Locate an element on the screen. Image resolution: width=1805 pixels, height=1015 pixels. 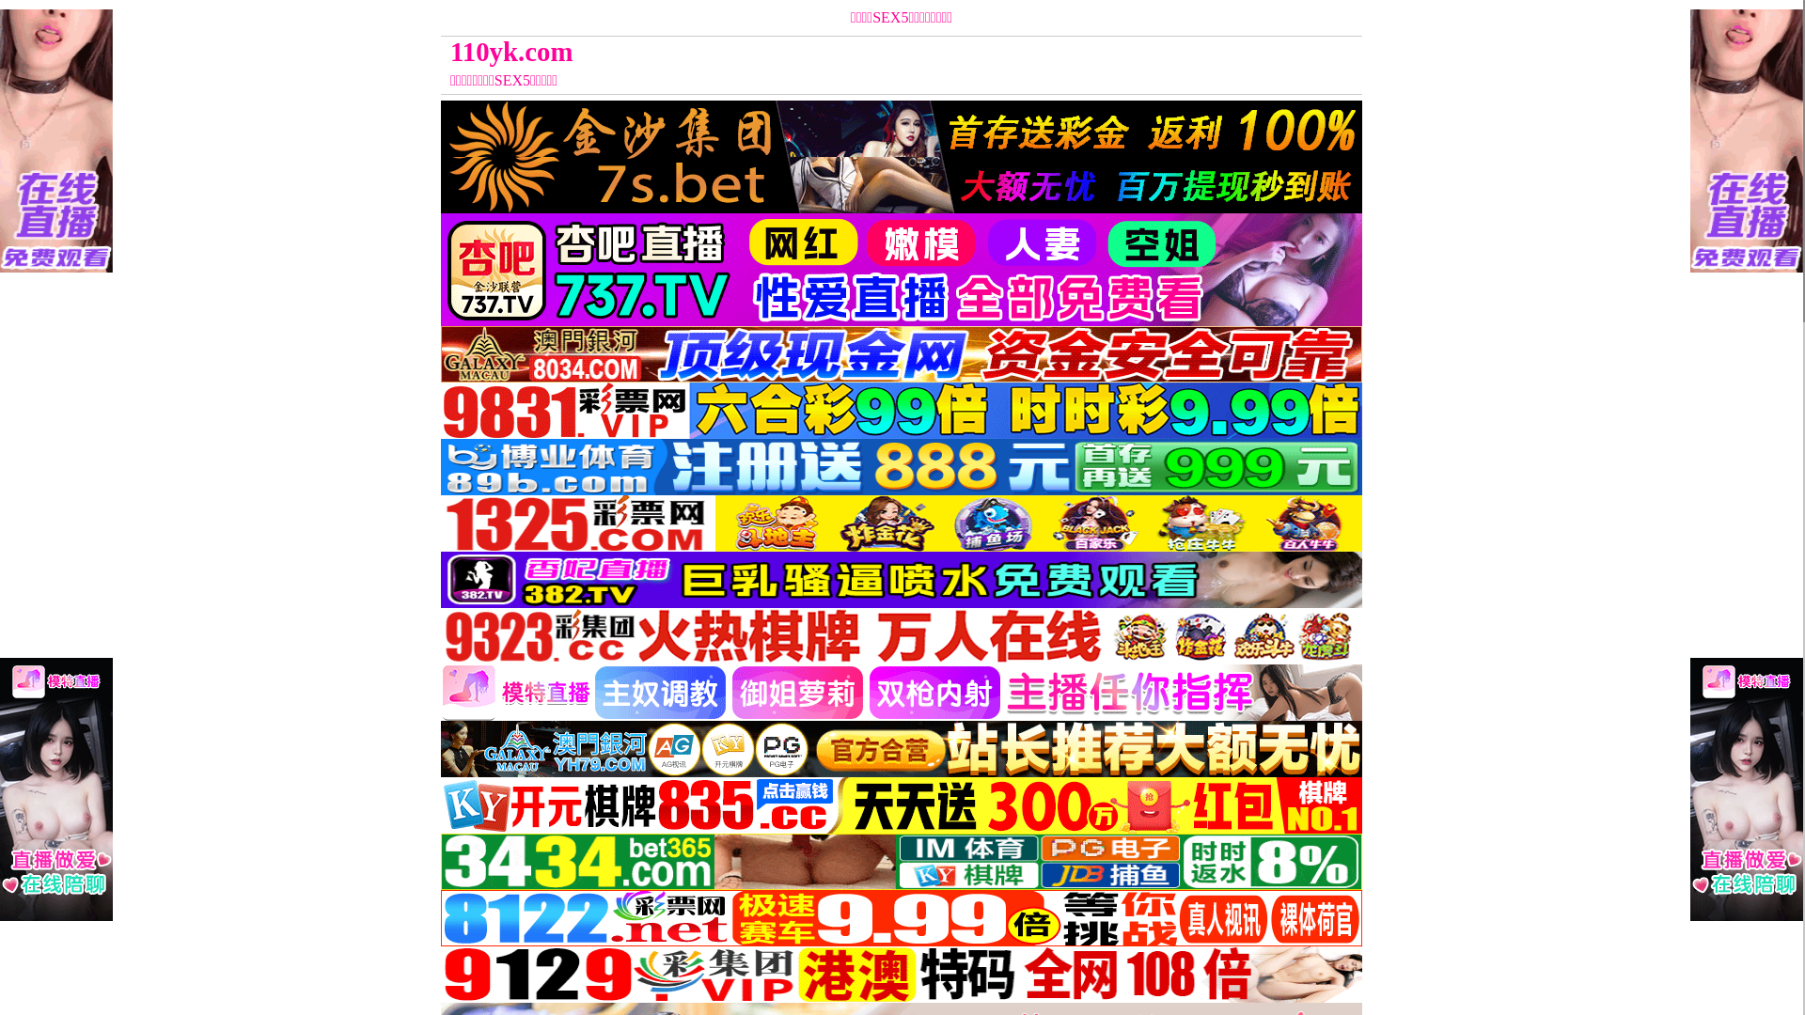
'110yk.com' is located at coordinates (786, 51).